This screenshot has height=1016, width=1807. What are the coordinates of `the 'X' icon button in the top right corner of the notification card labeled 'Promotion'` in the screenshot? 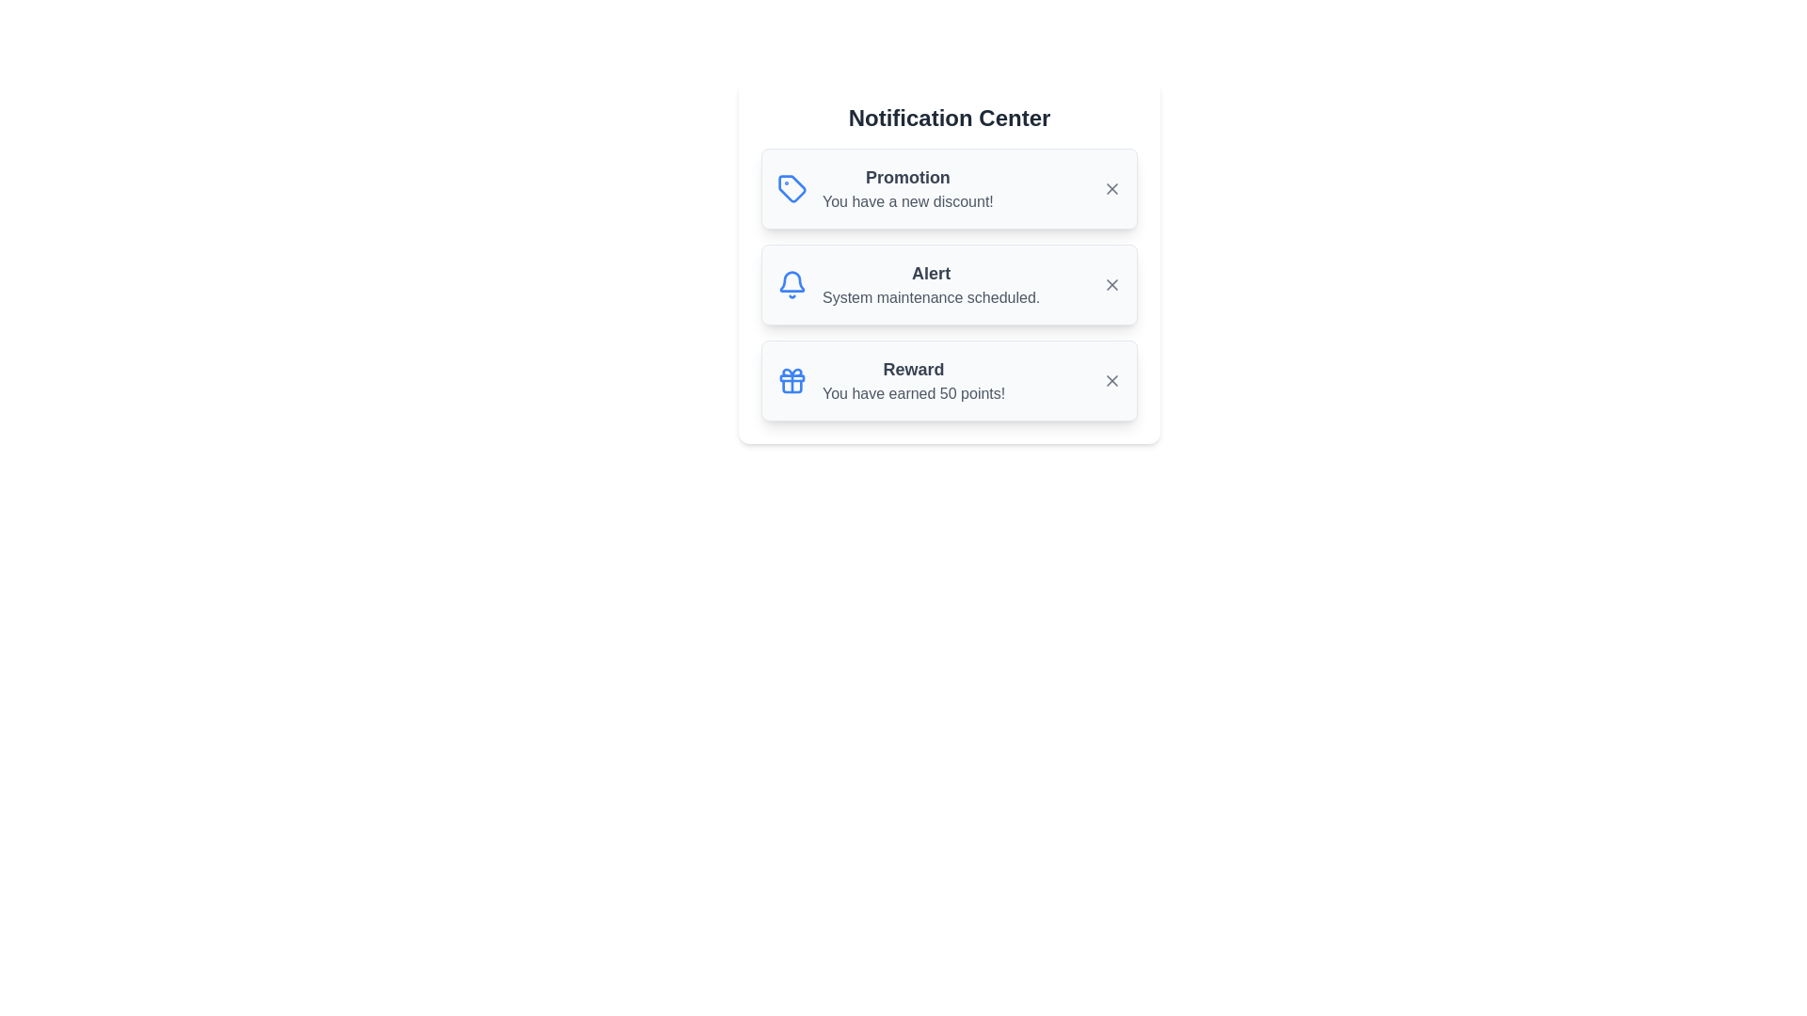 It's located at (1111, 188).